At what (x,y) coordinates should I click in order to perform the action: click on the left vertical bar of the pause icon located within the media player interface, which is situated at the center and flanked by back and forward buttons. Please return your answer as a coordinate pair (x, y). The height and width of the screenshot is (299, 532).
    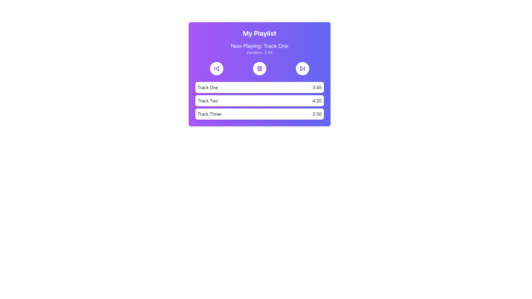
    Looking at the image, I should click on (258, 68).